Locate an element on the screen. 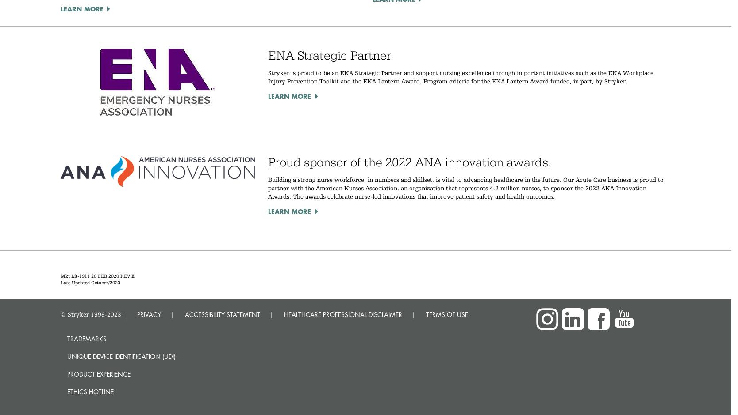 The height and width of the screenshot is (415, 738). 'Unique device identification (UDI)' is located at coordinates (66, 356).